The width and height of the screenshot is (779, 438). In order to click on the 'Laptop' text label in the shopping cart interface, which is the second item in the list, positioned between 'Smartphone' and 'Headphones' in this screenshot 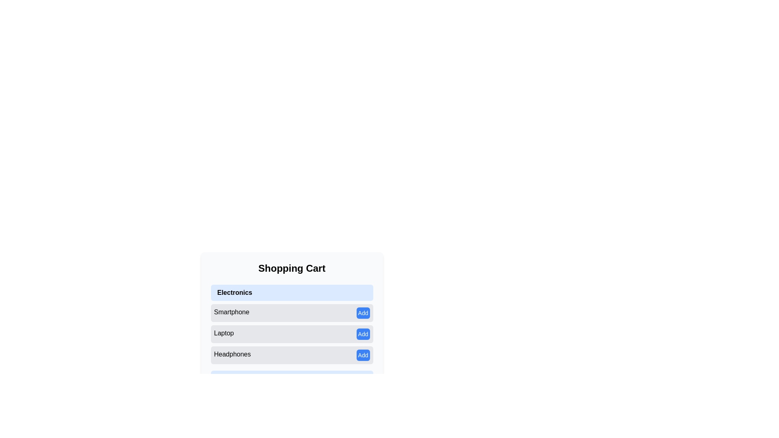, I will do `click(224, 334)`.